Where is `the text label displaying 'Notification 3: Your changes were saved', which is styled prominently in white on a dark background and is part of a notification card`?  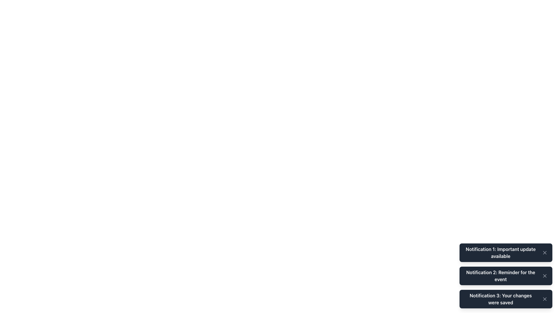
the text label displaying 'Notification 3: Your changes were saved', which is styled prominently in white on a dark background and is part of a notification card is located at coordinates (500, 299).